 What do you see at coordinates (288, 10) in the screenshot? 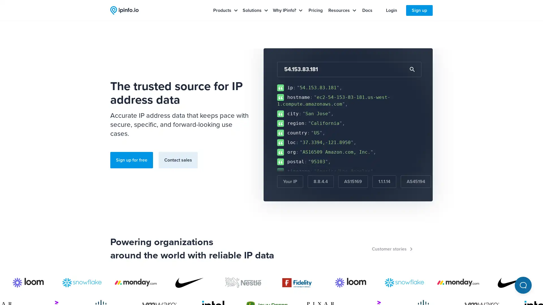
I see `Why IPinfo?` at bounding box center [288, 10].